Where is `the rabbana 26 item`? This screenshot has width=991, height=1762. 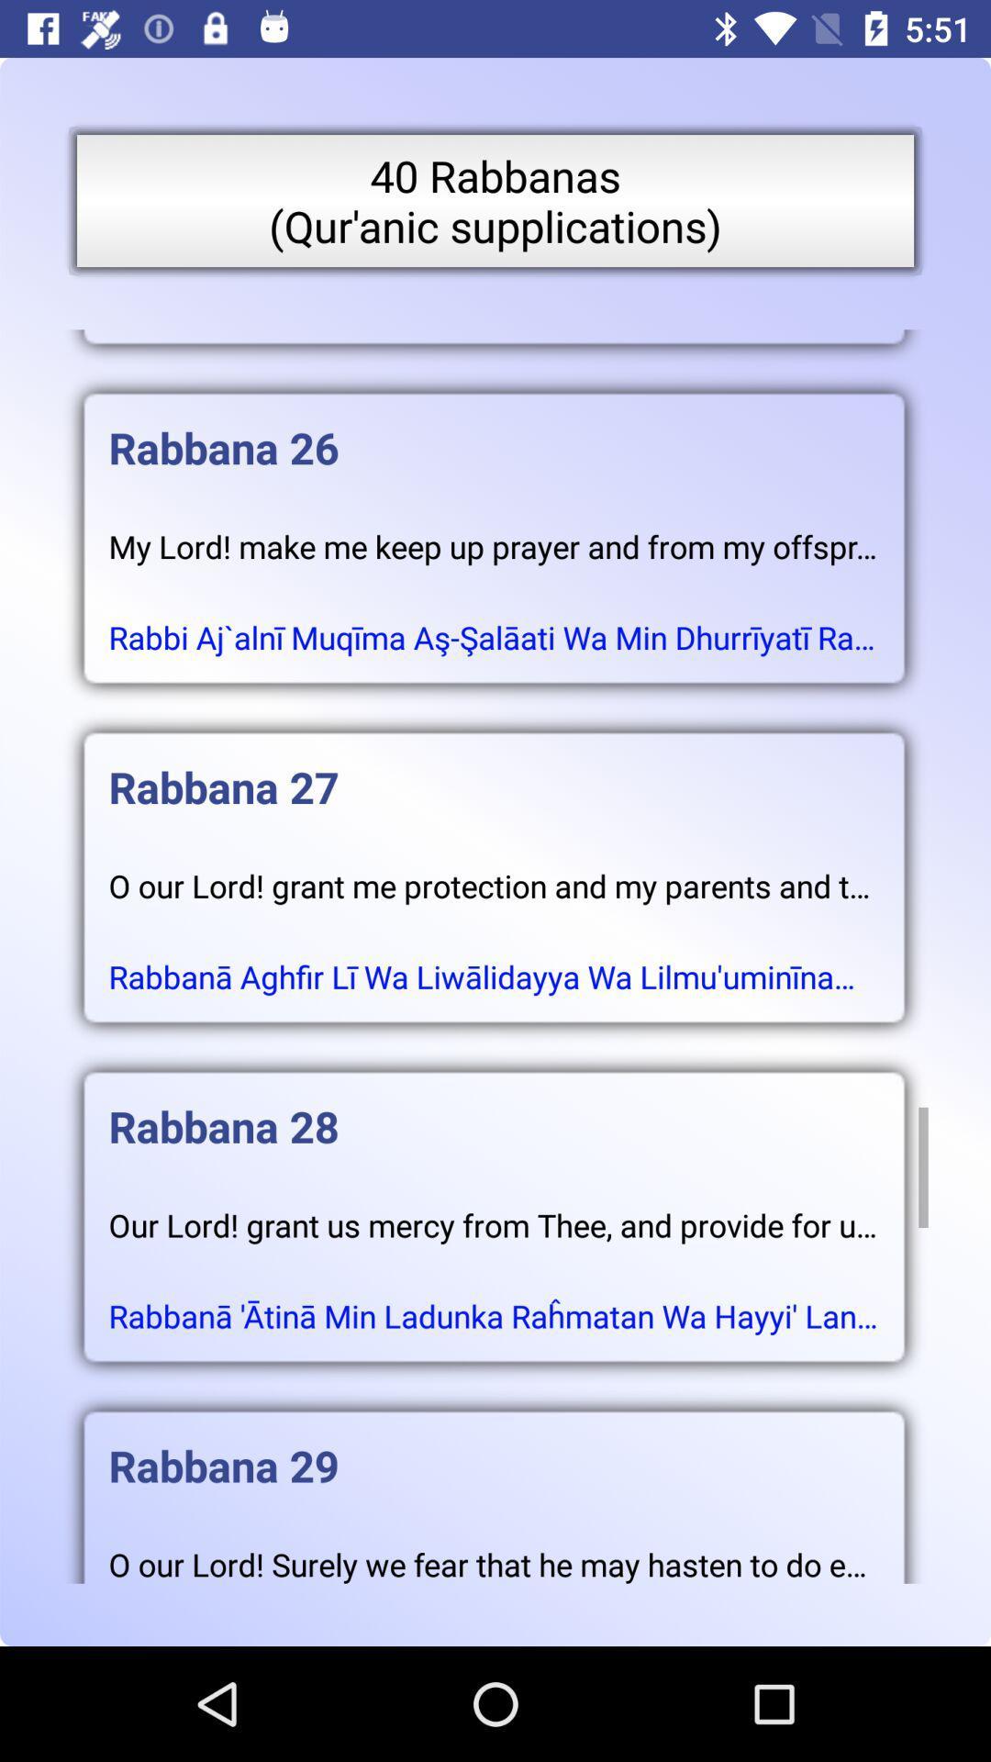
the rabbana 26 item is located at coordinates (493, 429).